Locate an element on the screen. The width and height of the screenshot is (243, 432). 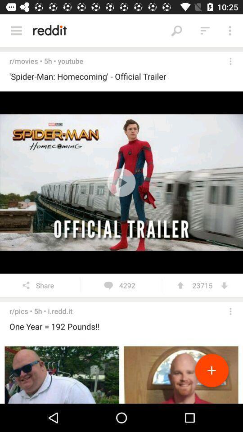
image view button is located at coordinates (121, 373).